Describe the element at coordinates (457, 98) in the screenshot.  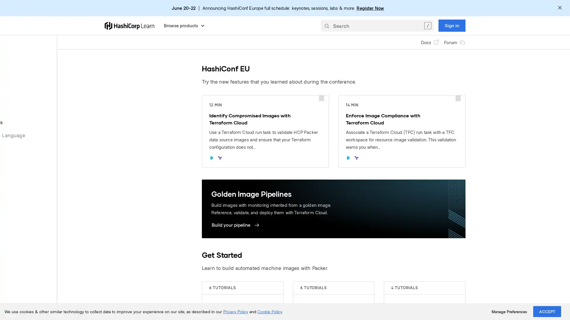
I see `Add bookmark for: Enforce Image Compliance with Terraform Cloud` at that location.